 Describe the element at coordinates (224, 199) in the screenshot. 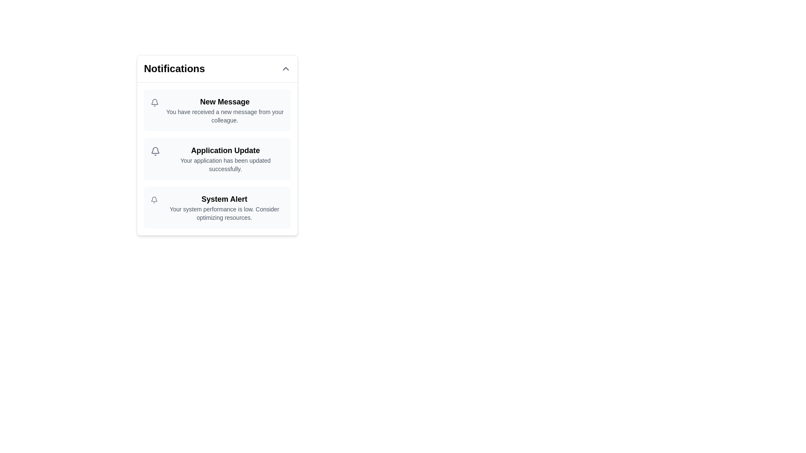

I see `the 'System Alert' text label, which is styled in bold and larger font, positioned as the heading within the last item in the list of notifications` at that location.